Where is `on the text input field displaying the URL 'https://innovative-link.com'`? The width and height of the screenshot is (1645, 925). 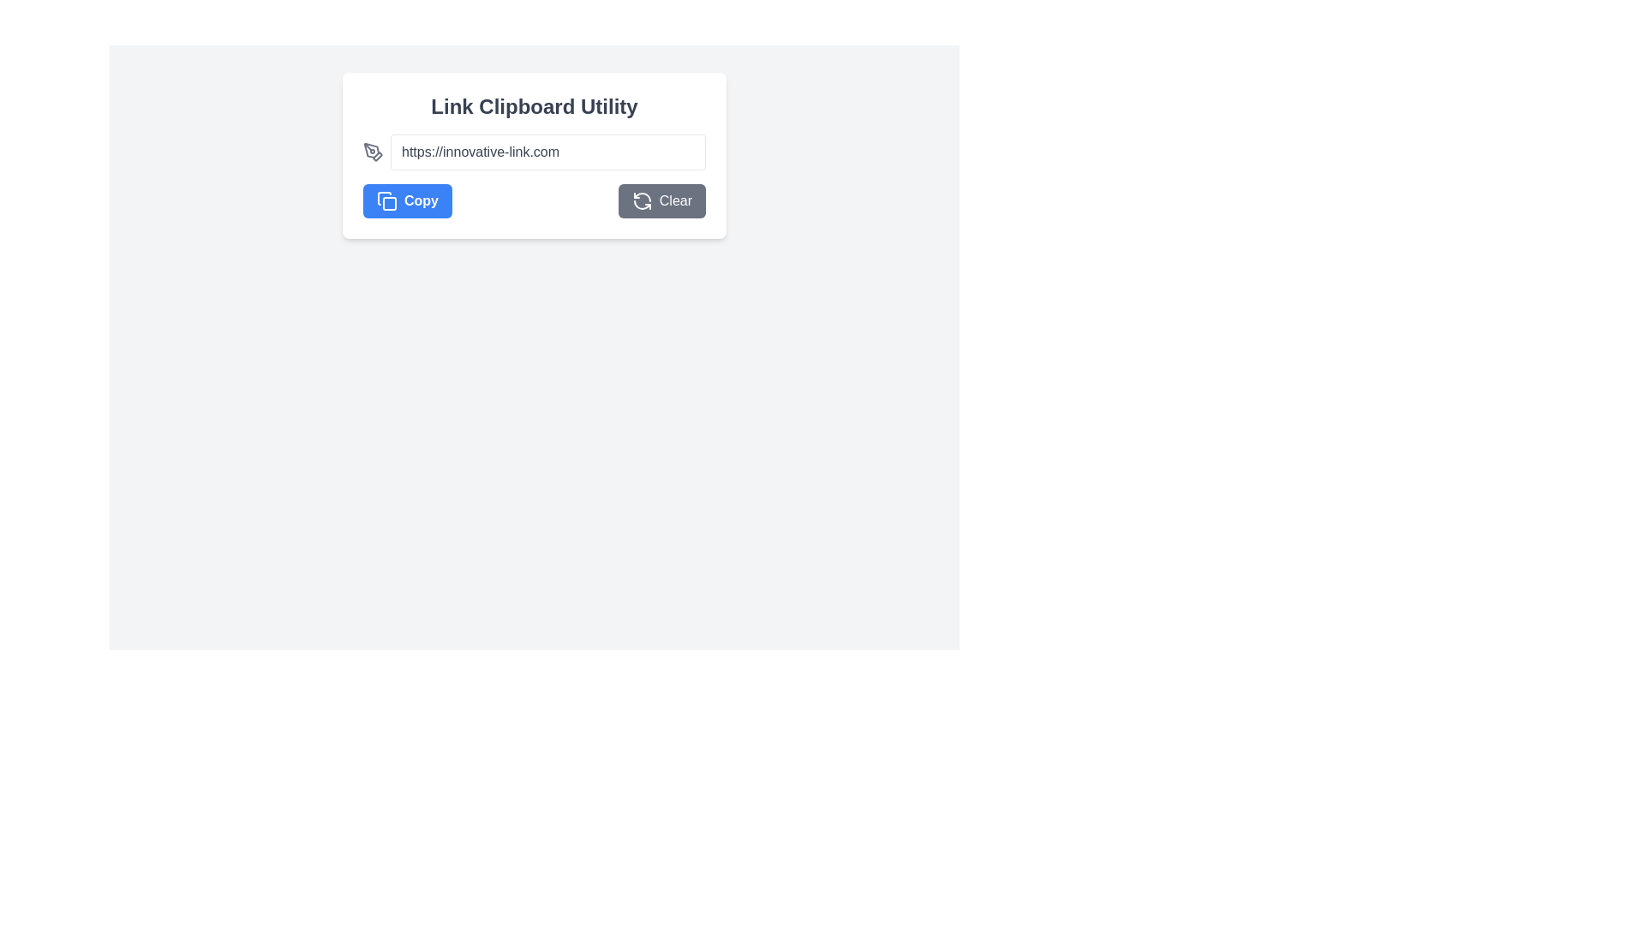 on the text input field displaying the URL 'https://innovative-link.com' is located at coordinates (547, 151).